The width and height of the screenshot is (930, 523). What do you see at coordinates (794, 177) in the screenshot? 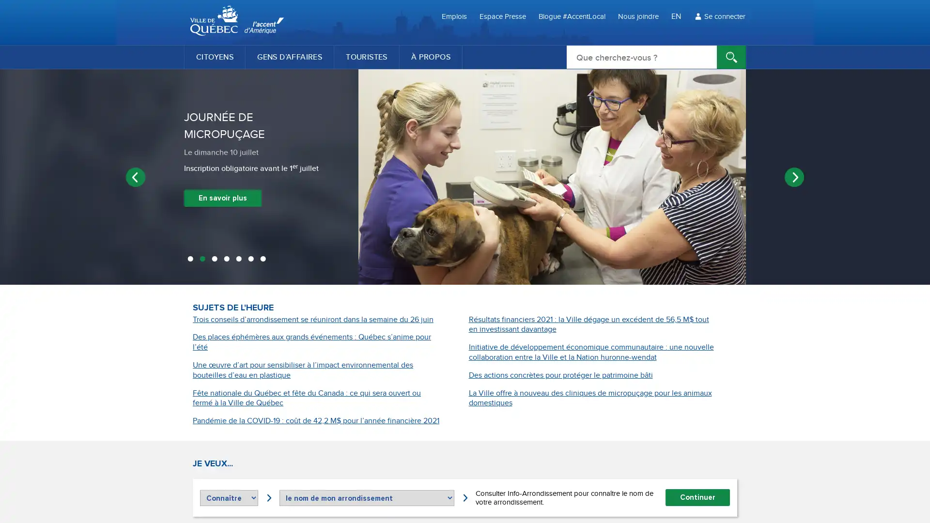
I see `Diapositive suivante` at bounding box center [794, 177].